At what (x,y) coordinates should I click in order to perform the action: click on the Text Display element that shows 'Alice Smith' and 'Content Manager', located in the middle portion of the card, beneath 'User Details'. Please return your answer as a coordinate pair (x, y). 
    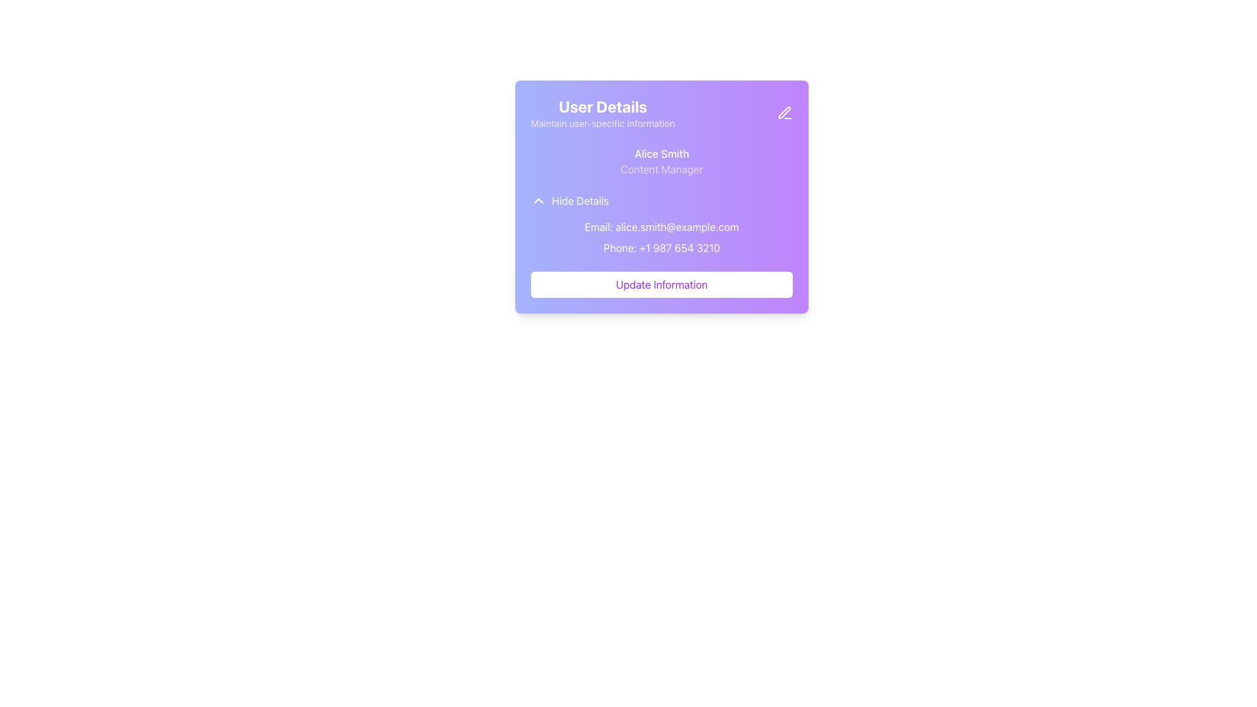
    Looking at the image, I should click on (662, 160).